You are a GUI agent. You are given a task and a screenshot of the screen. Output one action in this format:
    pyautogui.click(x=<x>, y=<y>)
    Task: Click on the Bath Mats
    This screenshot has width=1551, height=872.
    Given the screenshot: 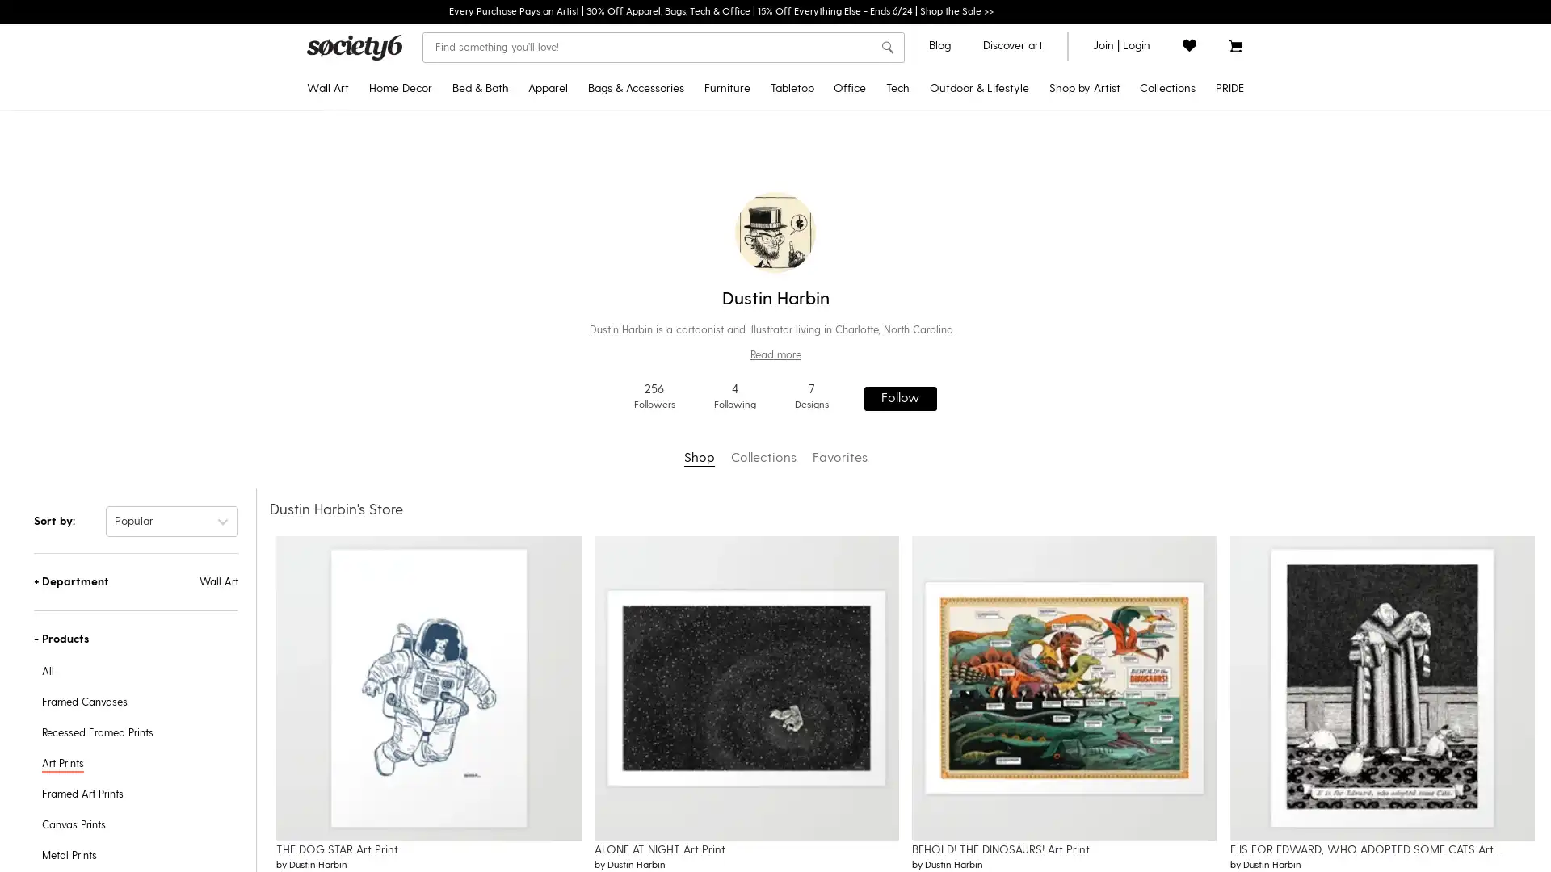 What is the action you would take?
    pyautogui.click(x=515, y=233)
    